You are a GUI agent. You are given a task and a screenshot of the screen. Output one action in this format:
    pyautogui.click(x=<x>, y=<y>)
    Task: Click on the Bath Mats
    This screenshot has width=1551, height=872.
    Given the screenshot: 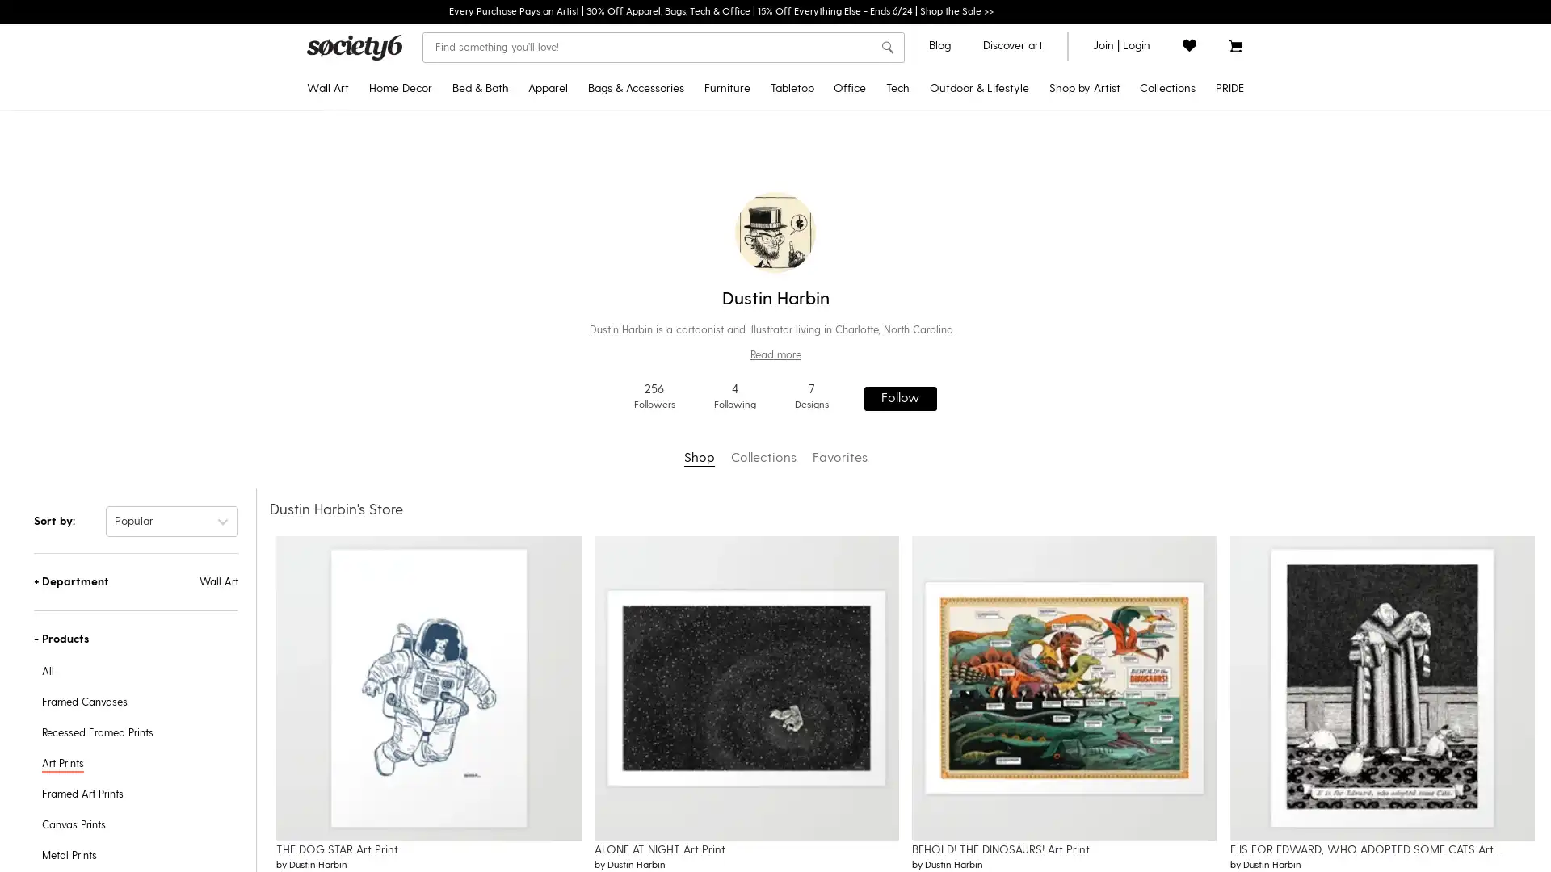 What is the action you would take?
    pyautogui.click(x=515, y=233)
    